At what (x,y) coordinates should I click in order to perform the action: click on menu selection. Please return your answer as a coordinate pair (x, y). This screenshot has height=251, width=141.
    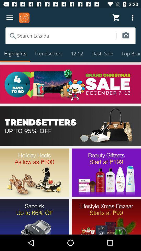
    Looking at the image, I should click on (70, 126).